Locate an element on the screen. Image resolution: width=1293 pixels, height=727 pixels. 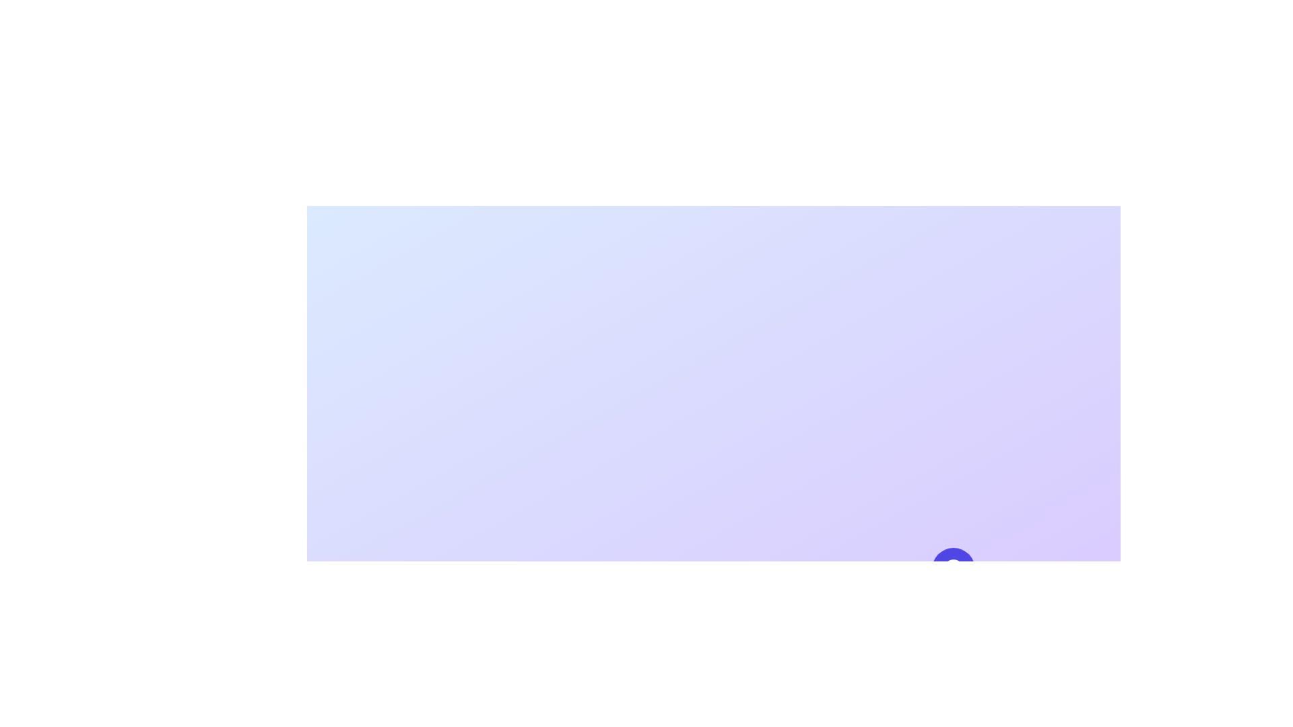
the central button to toggle the menu visibility is located at coordinates (953, 569).